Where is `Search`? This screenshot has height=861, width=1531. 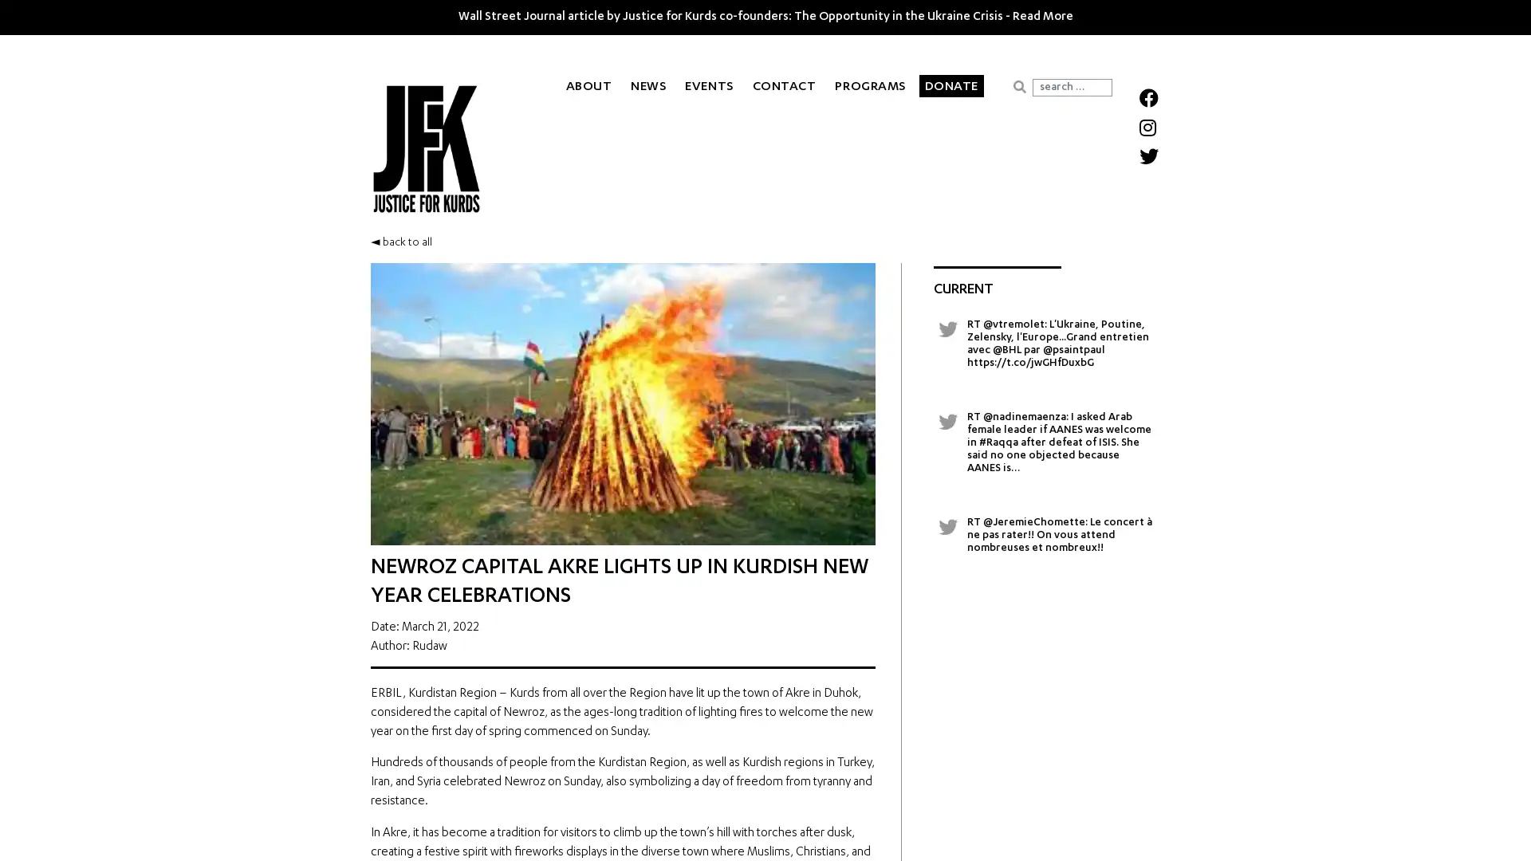 Search is located at coordinates (1018, 86).